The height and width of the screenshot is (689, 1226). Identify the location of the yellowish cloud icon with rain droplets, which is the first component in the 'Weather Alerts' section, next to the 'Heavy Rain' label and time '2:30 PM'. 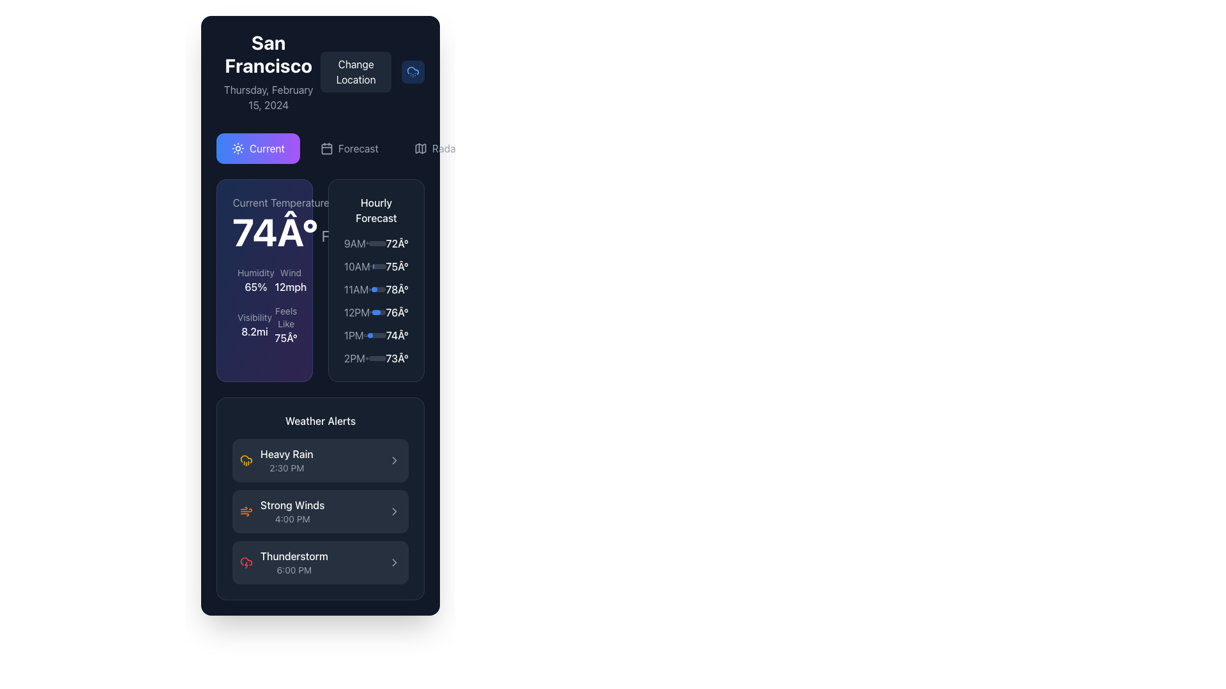
(246, 460).